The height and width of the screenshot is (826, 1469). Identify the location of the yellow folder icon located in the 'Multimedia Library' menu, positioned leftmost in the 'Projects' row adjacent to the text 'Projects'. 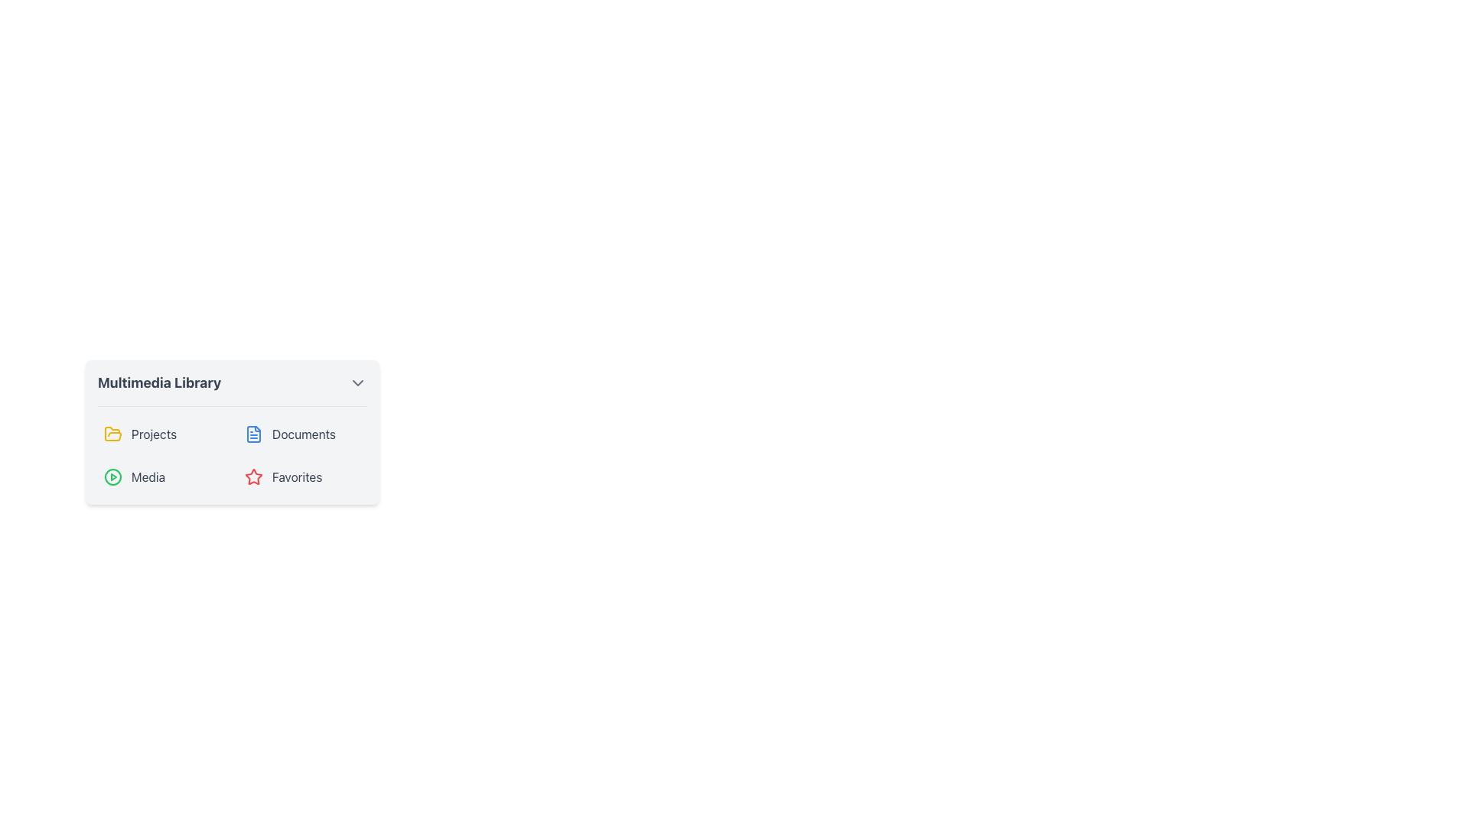
(112, 434).